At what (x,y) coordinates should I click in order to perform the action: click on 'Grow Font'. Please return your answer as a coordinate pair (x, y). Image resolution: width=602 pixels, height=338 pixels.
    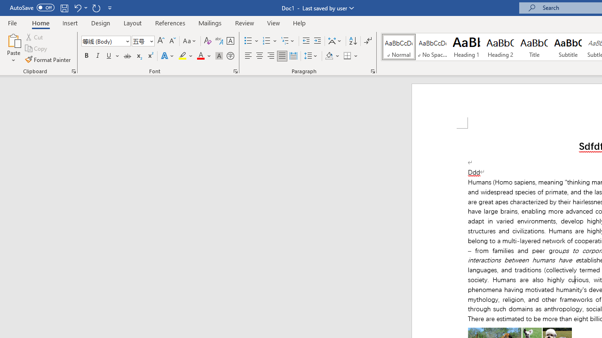
    Looking at the image, I should click on (161, 40).